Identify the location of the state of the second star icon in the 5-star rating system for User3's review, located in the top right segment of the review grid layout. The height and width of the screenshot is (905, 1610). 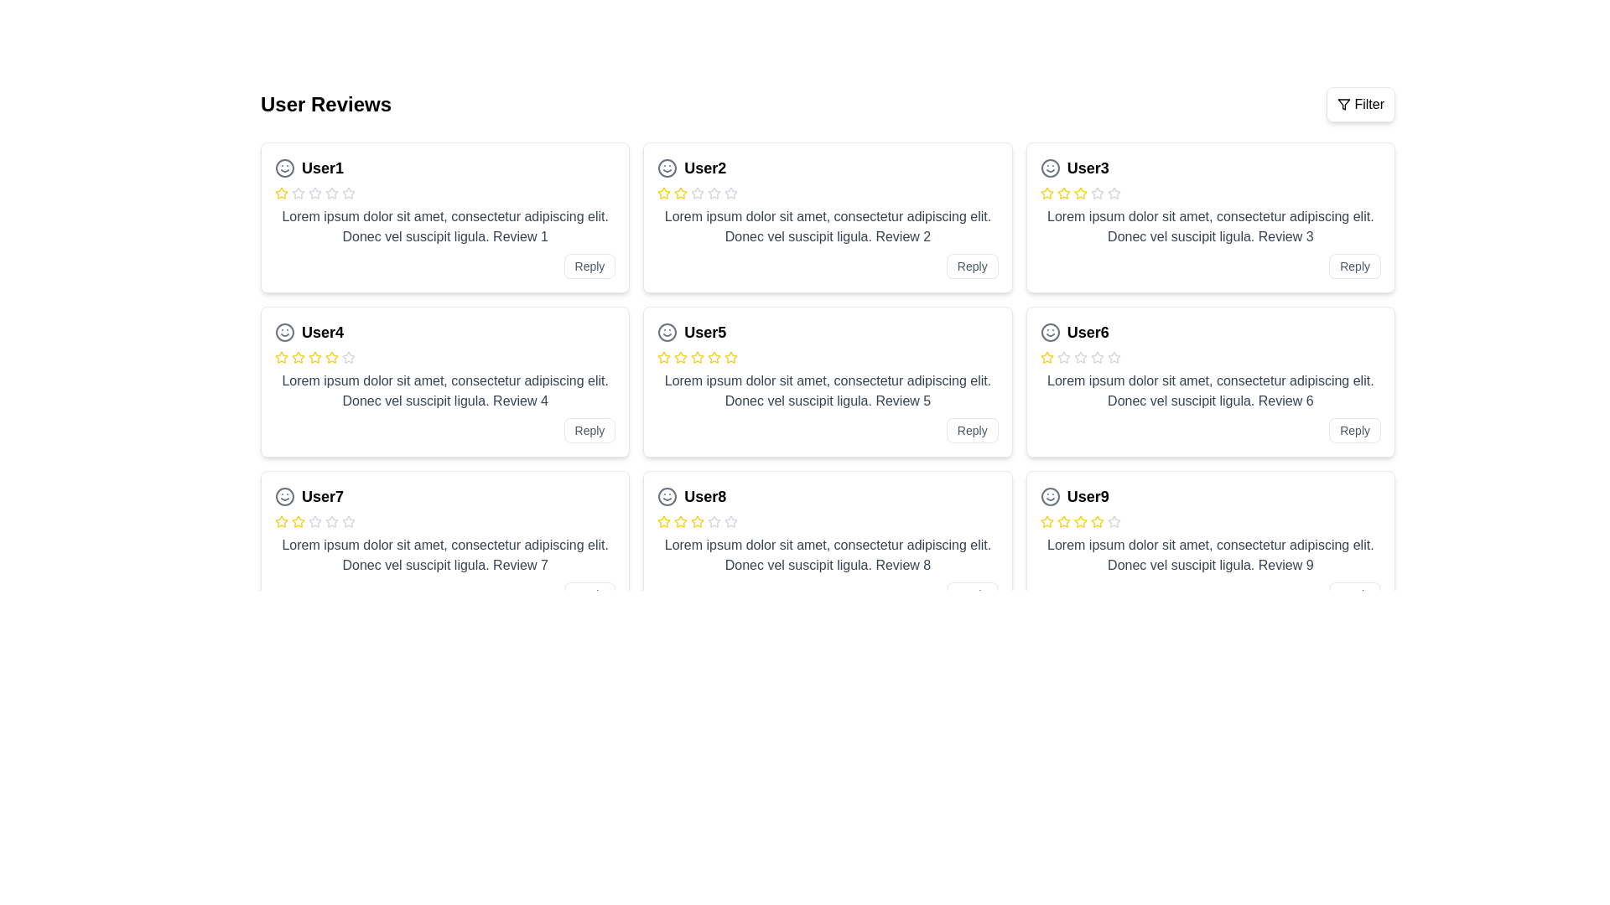
(1062, 193).